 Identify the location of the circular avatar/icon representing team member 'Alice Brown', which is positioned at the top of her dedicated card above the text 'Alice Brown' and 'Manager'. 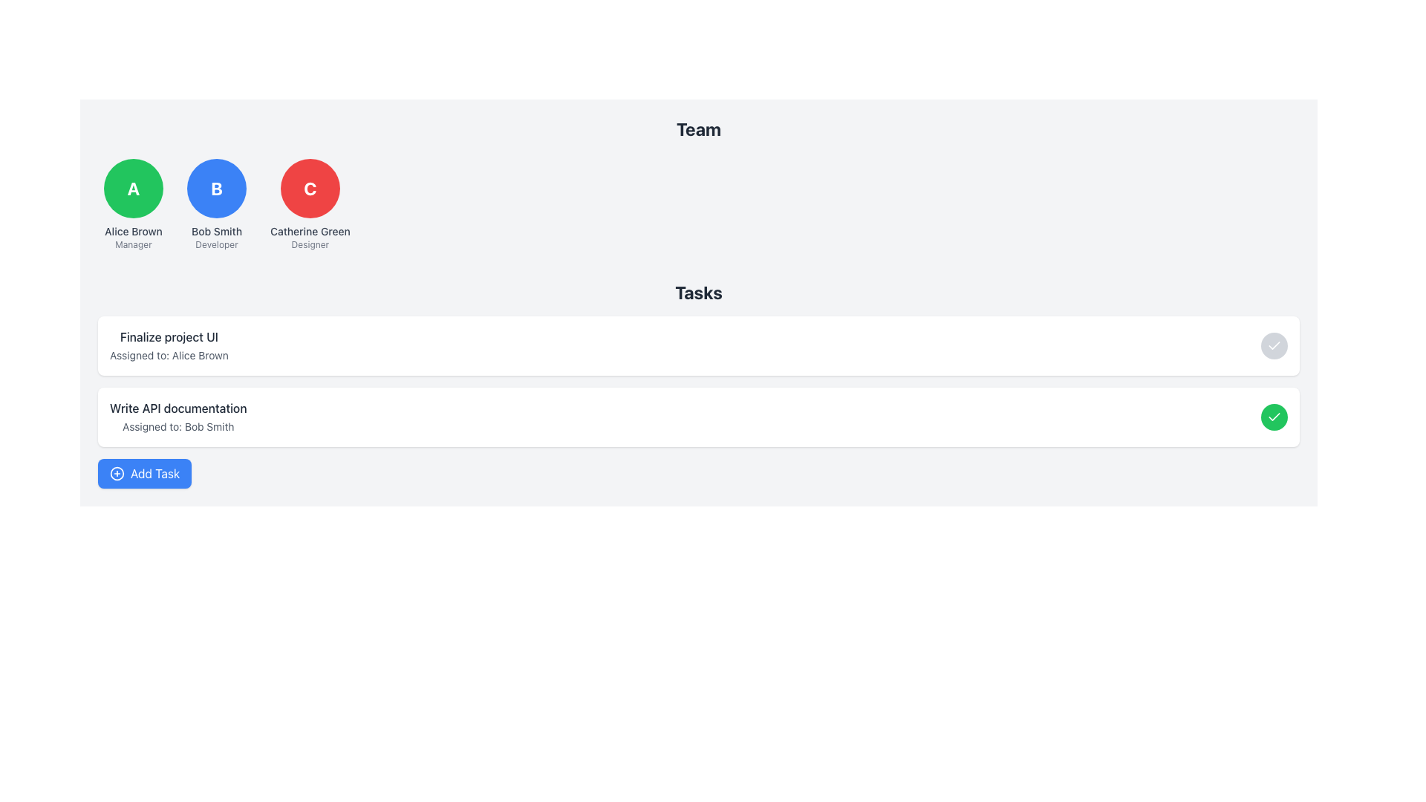
(134, 188).